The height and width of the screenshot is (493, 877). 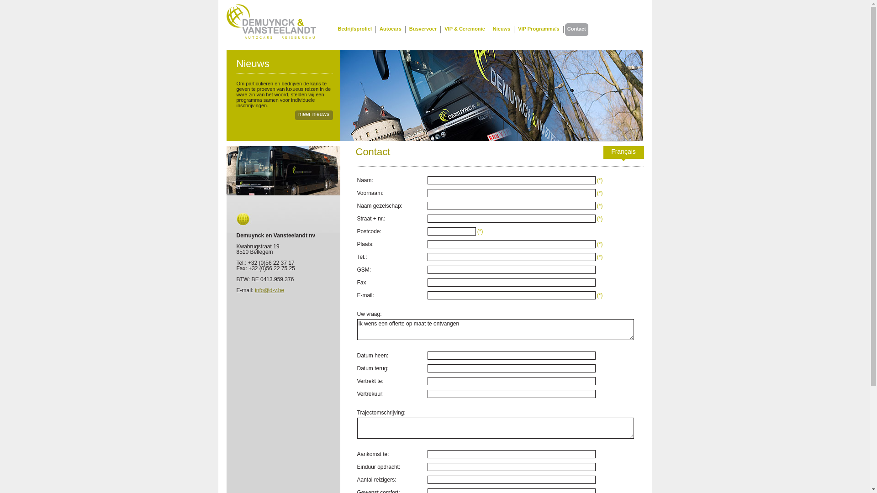 I want to click on 'VIP & Ceremonie', so click(x=465, y=29).